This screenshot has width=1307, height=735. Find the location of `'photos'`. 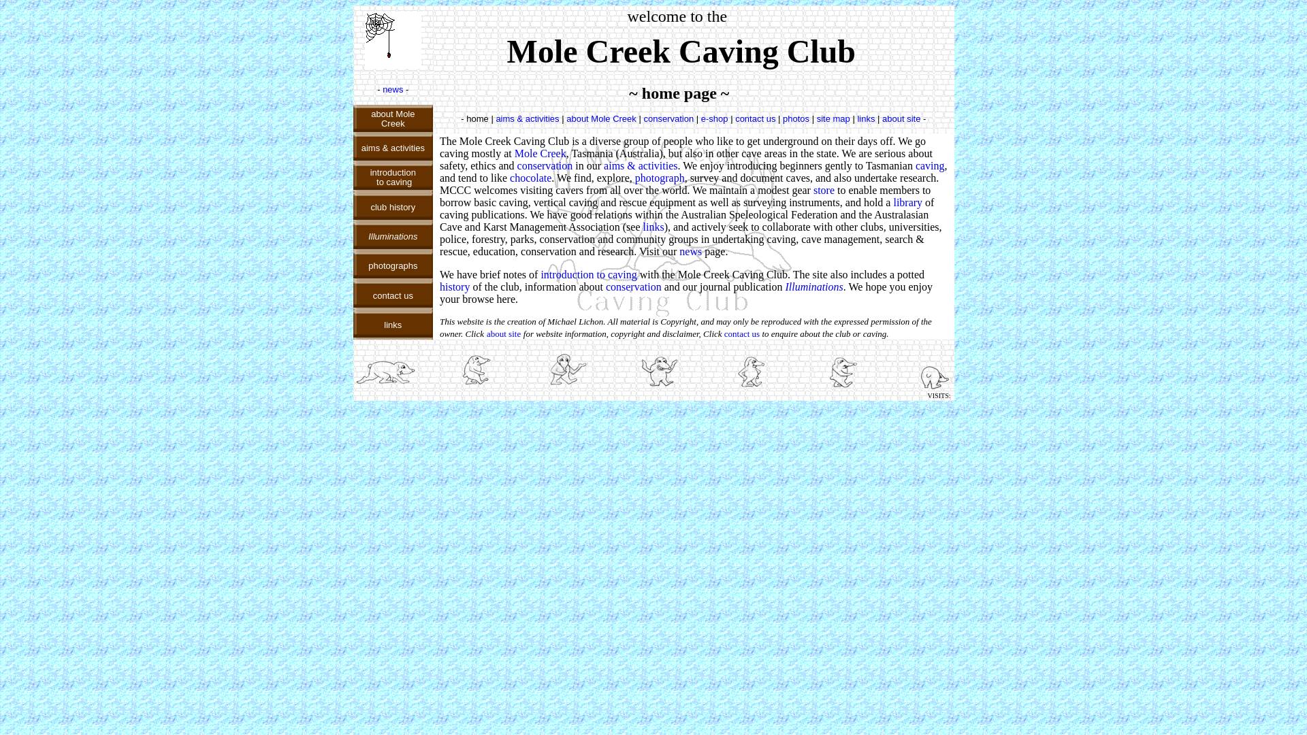

'photos' is located at coordinates (796, 117).